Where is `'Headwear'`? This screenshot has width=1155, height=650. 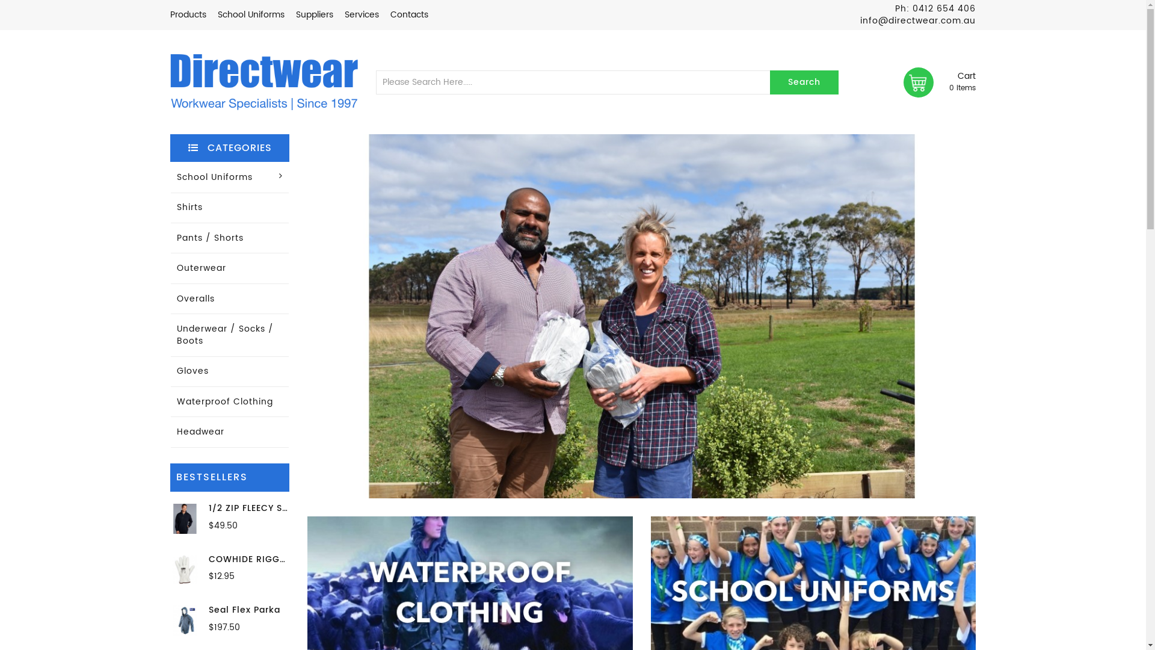
'Headwear' is located at coordinates (230, 431).